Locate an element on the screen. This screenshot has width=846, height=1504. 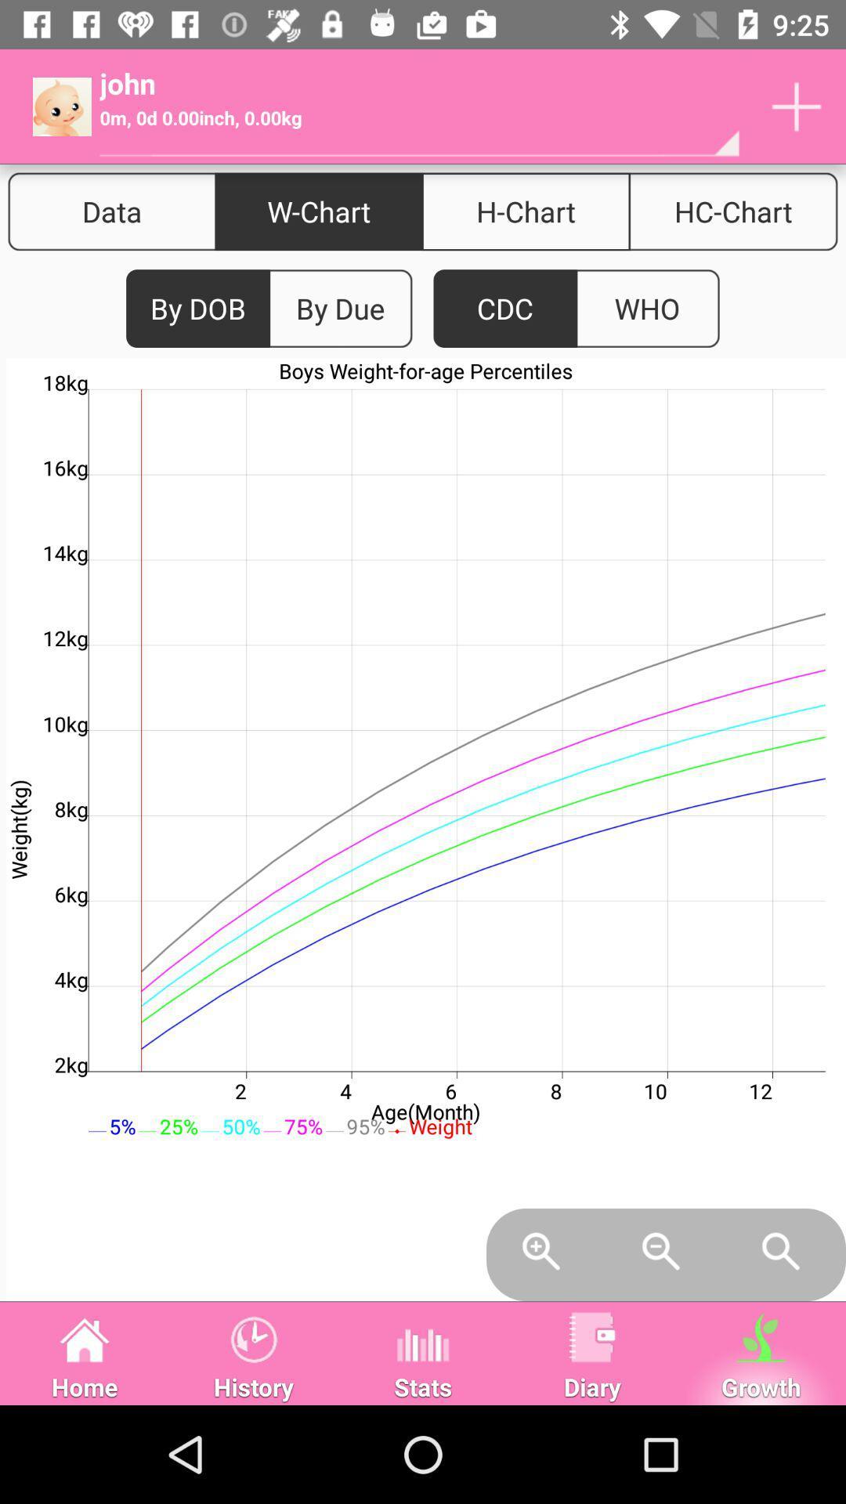
the item to the right of h-chart item is located at coordinates (733, 211).